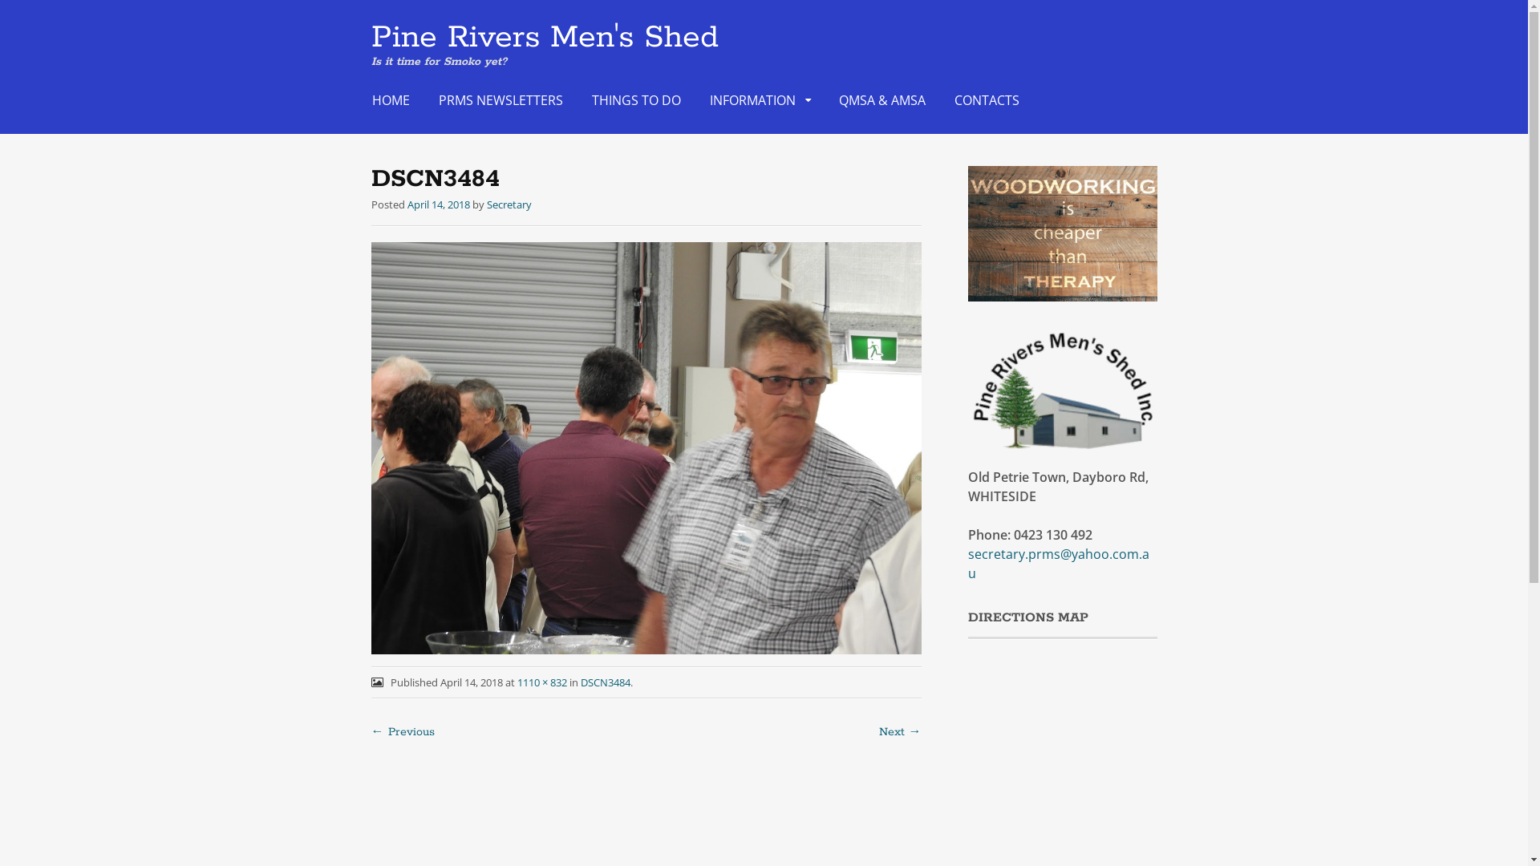 The image size is (1540, 866). What do you see at coordinates (361, 99) in the screenshot?
I see `'HOME'` at bounding box center [361, 99].